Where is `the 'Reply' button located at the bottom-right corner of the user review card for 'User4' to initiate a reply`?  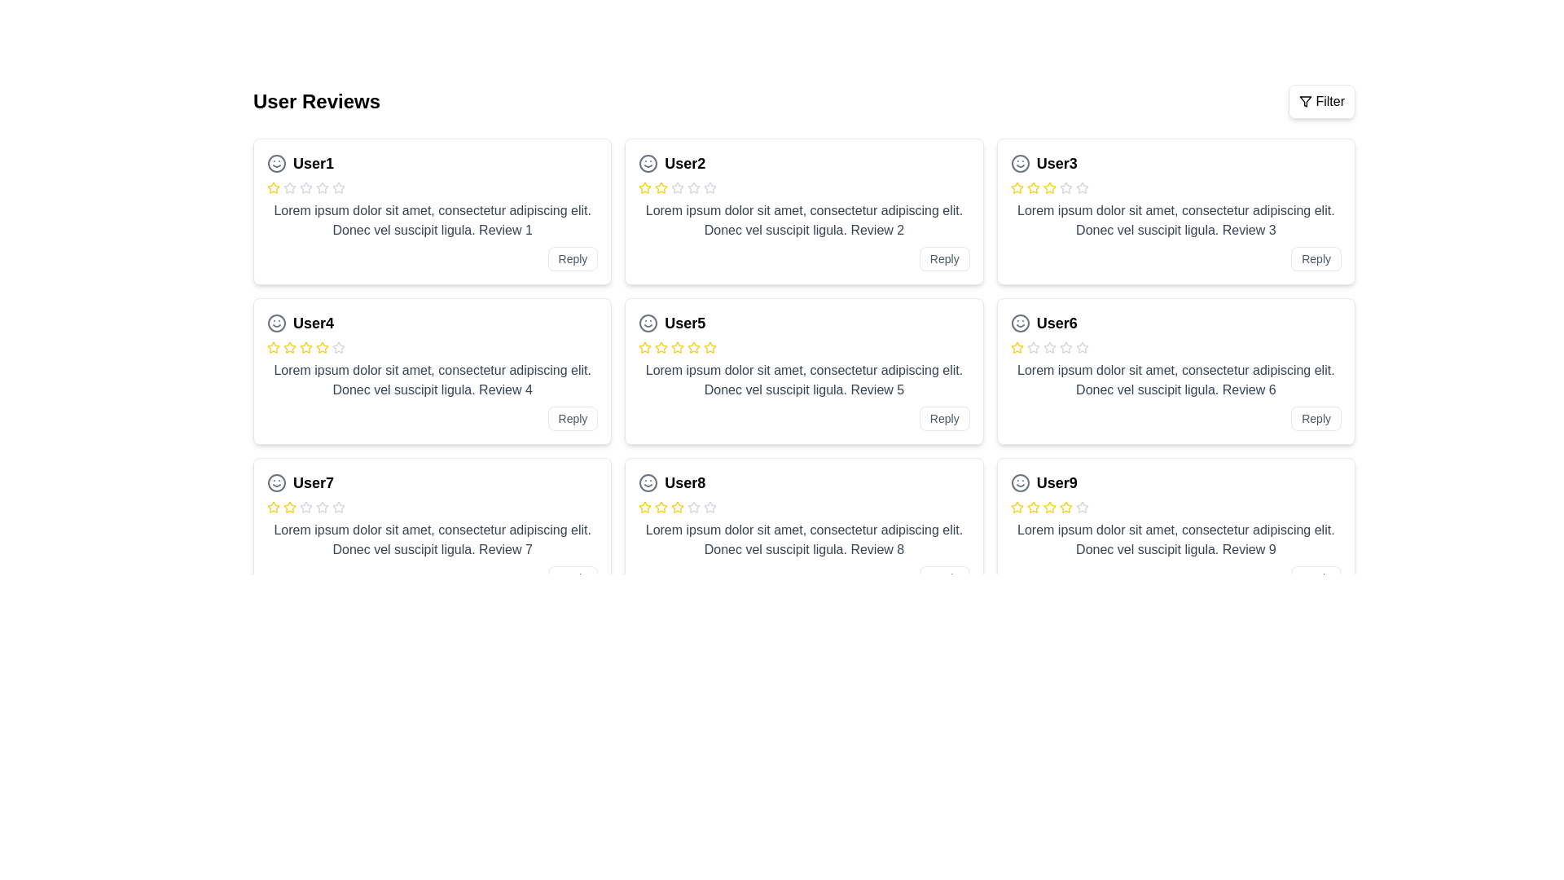
the 'Reply' button located at the bottom-right corner of the user review card for 'User4' to initiate a reply is located at coordinates (572, 417).